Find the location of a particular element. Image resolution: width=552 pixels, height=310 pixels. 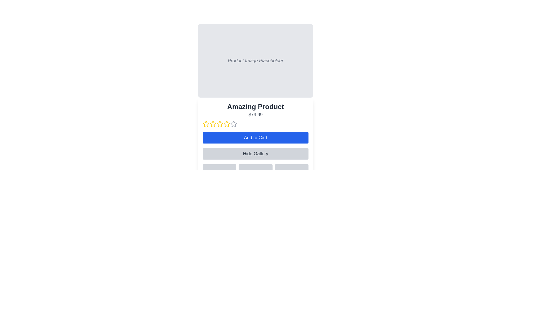

the Image placeholder, which is a rectangular area with a grey background and rounded corners, containing centered italic text stating 'Product Image Placeholder'. It is located at the top section of a product card layout, directly above the product title and price information is located at coordinates (255, 61).